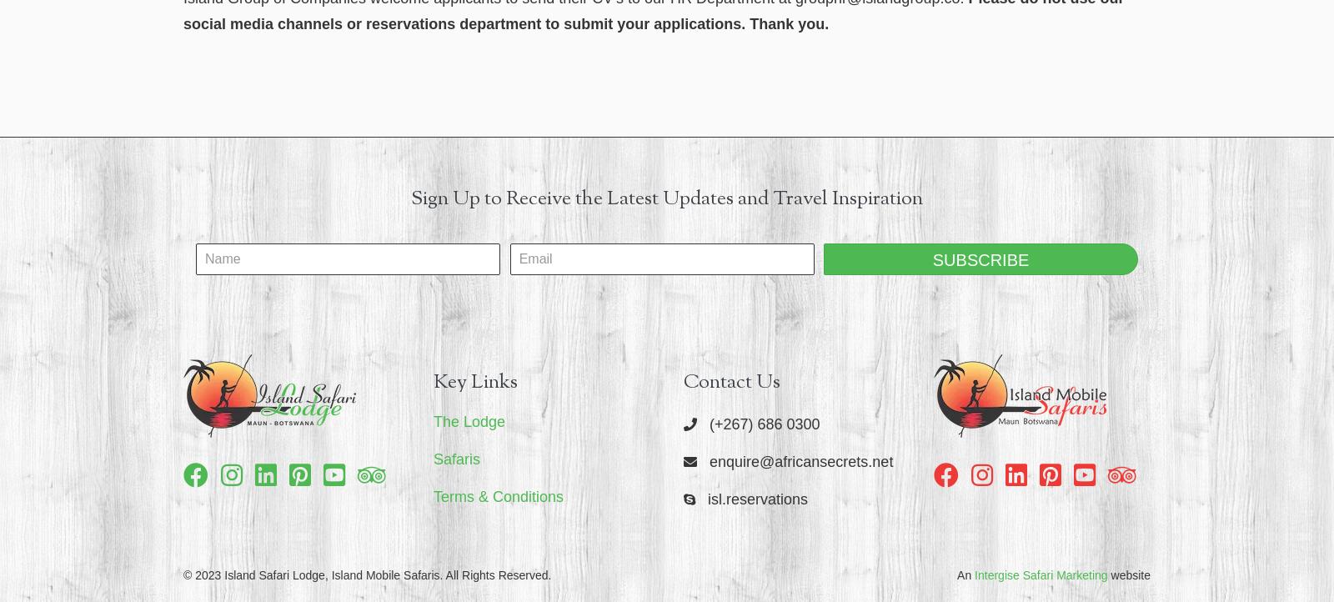 The width and height of the screenshot is (1334, 602). Describe the element at coordinates (667, 198) in the screenshot. I see `'Sign Up to Receive the Latest Updates and Travel Inspiration'` at that location.